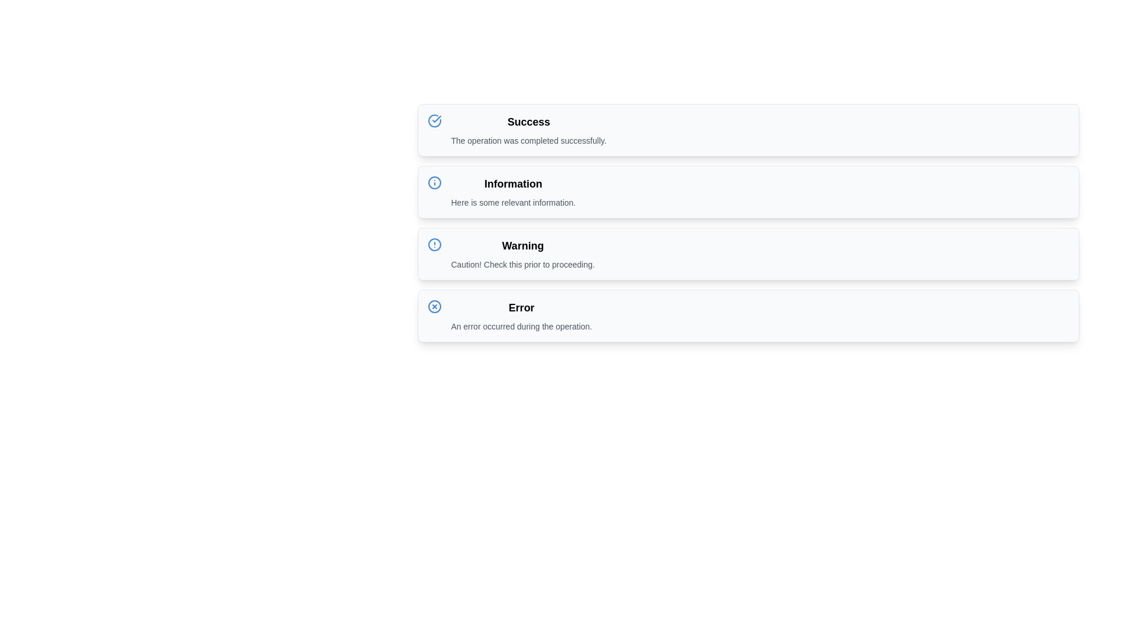  Describe the element at coordinates (528, 140) in the screenshot. I see `the static text element reading 'The operation was completed successfully.' located under the 'Success' header in the notification panel` at that location.